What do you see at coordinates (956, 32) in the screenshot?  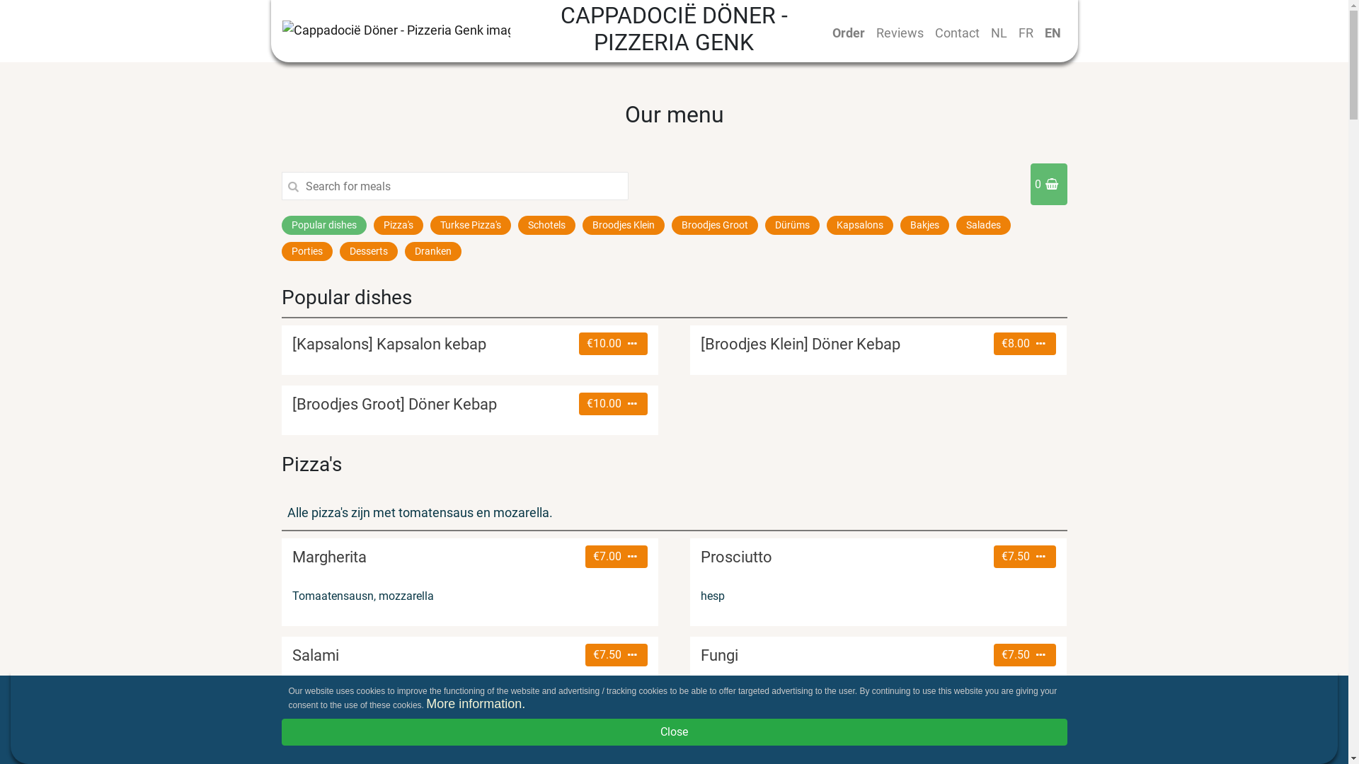 I see `'Contact'` at bounding box center [956, 32].